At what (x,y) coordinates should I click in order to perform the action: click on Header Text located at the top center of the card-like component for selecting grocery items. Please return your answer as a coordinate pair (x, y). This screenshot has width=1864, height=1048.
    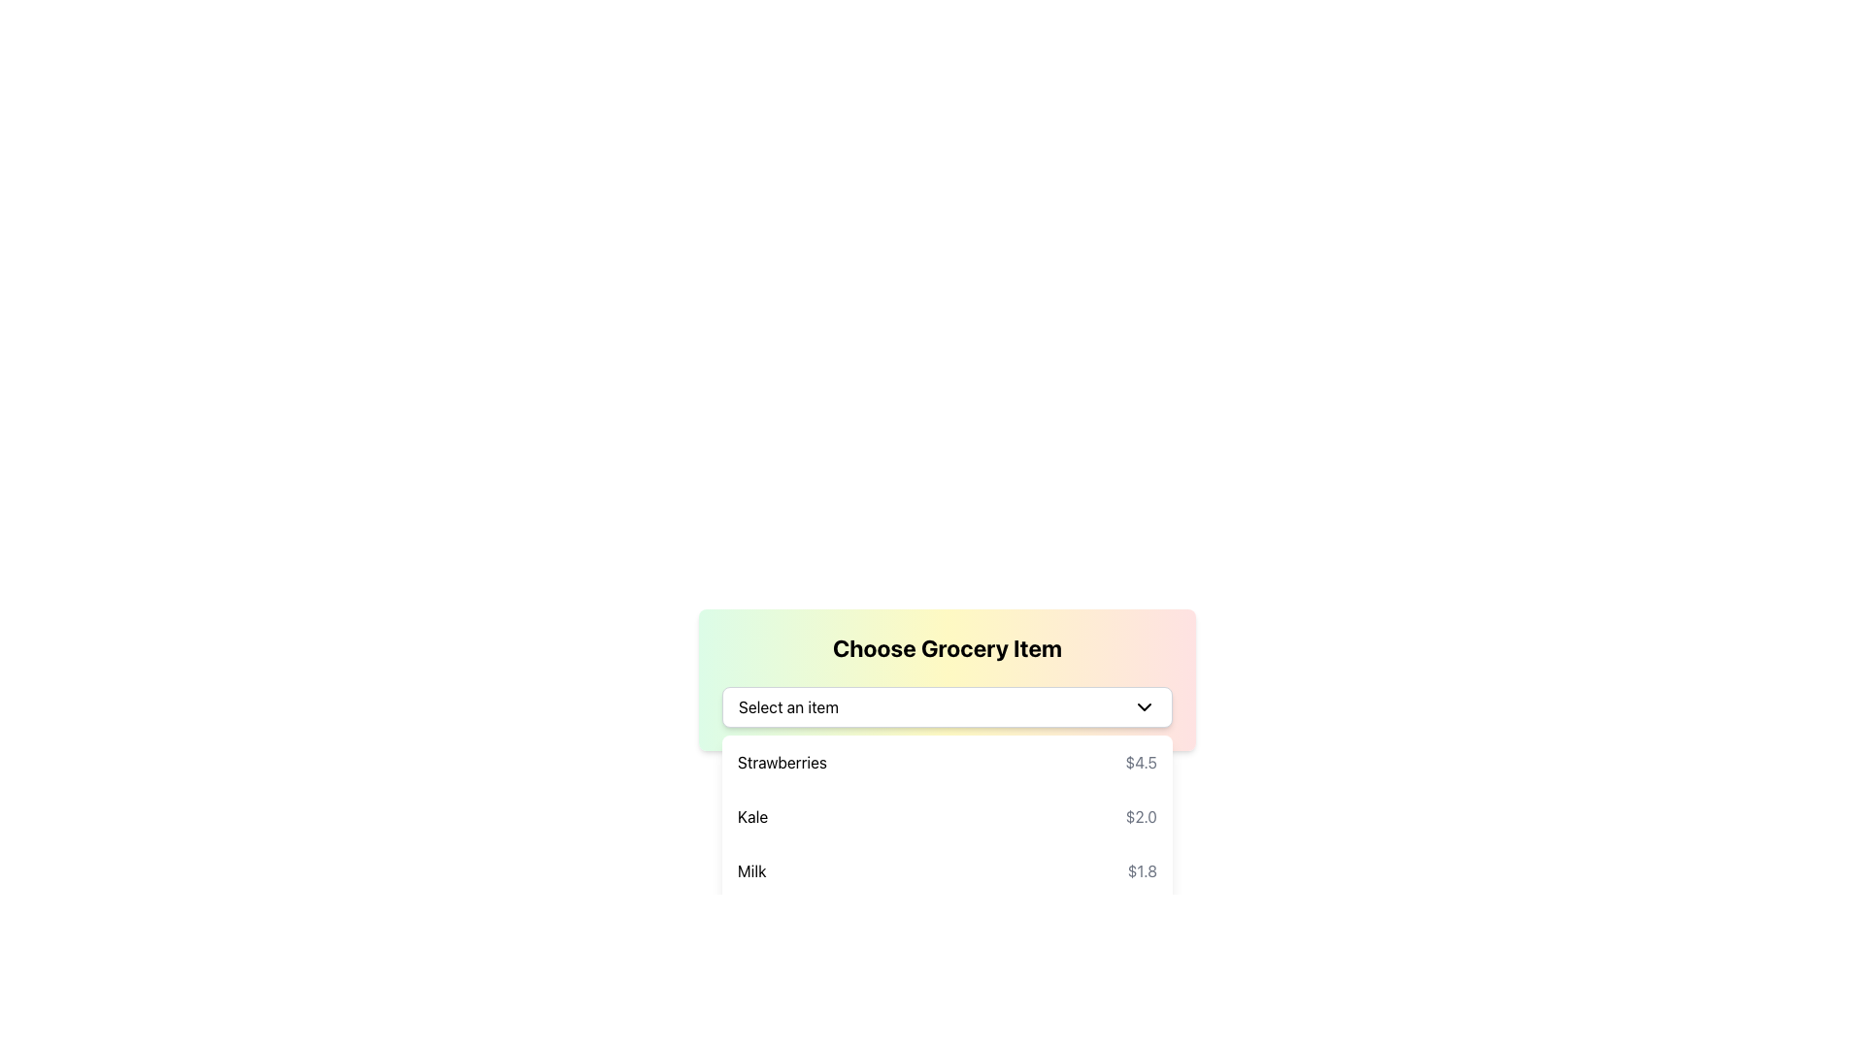
    Looking at the image, I should click on (947, 647).